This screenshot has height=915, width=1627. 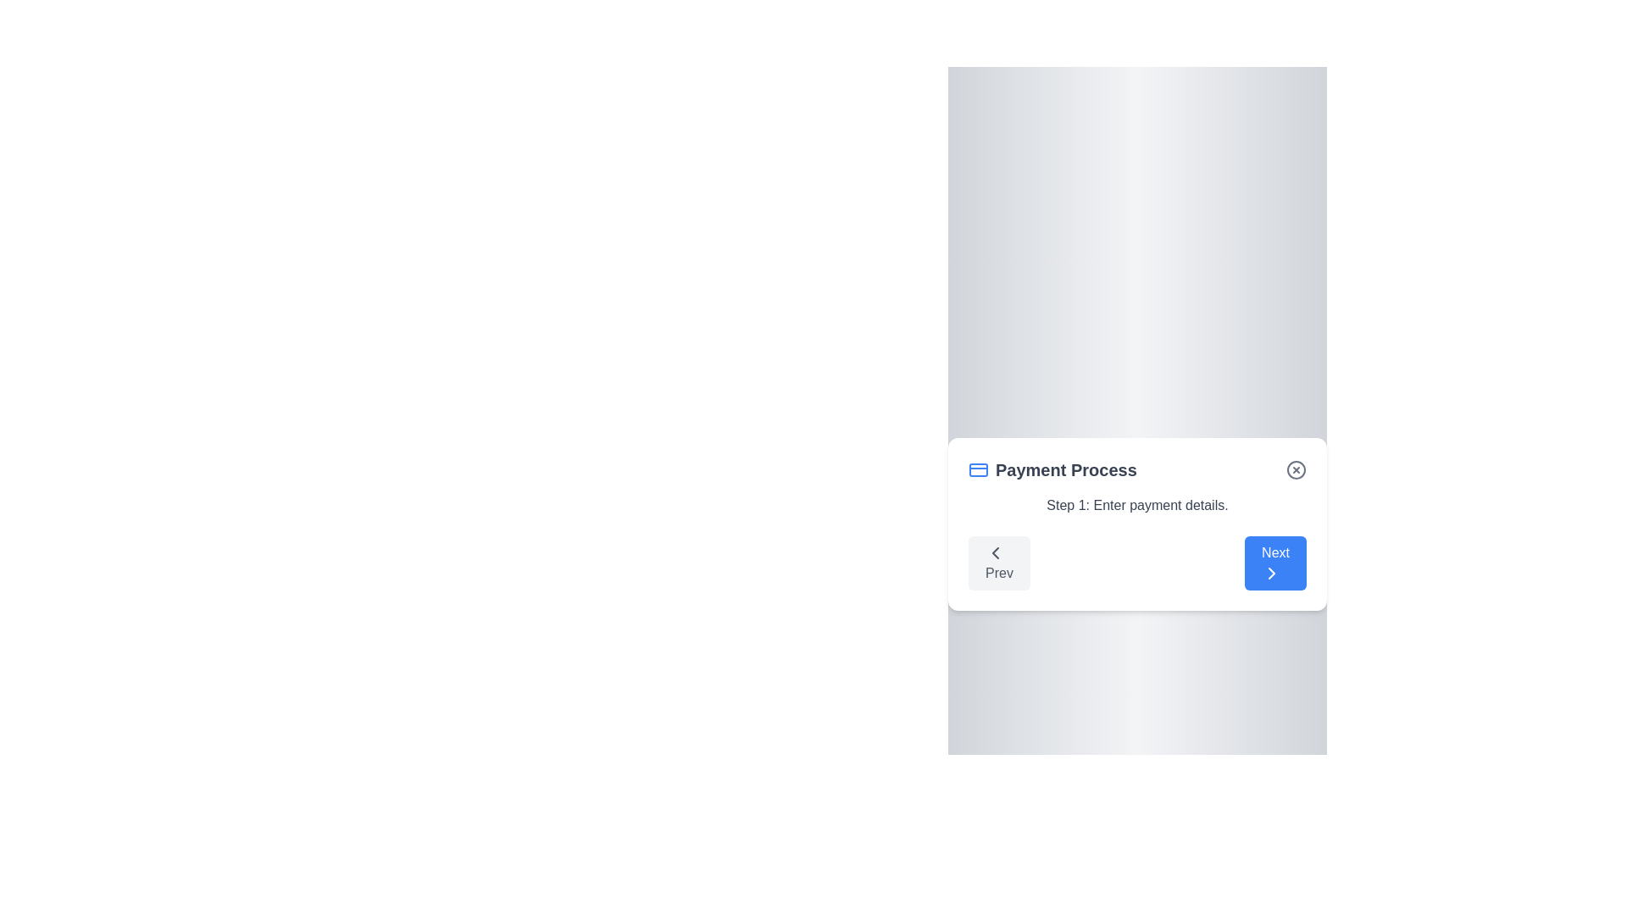 What do you see at coordinates (1275, 563) in the screenshot?
I see `the blue rectangular 'Next' button with rounded corners and a rightward chevron icon to proceed to the next step` at bounding box center [1275, 563].